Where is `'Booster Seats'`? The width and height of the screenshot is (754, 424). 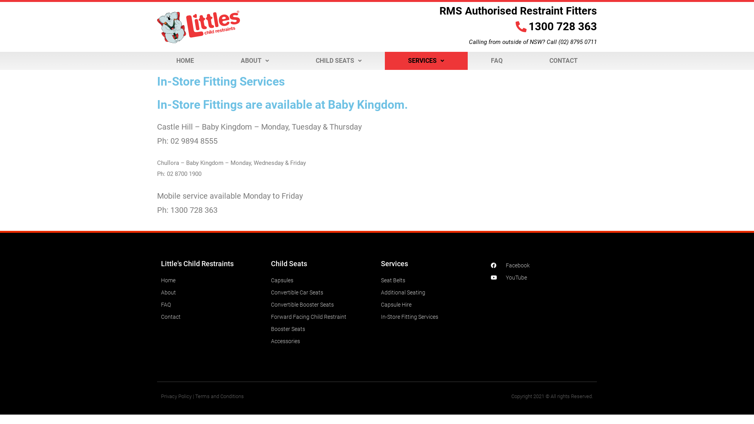
'Booster Seats' is located at coordinates (271, 329).